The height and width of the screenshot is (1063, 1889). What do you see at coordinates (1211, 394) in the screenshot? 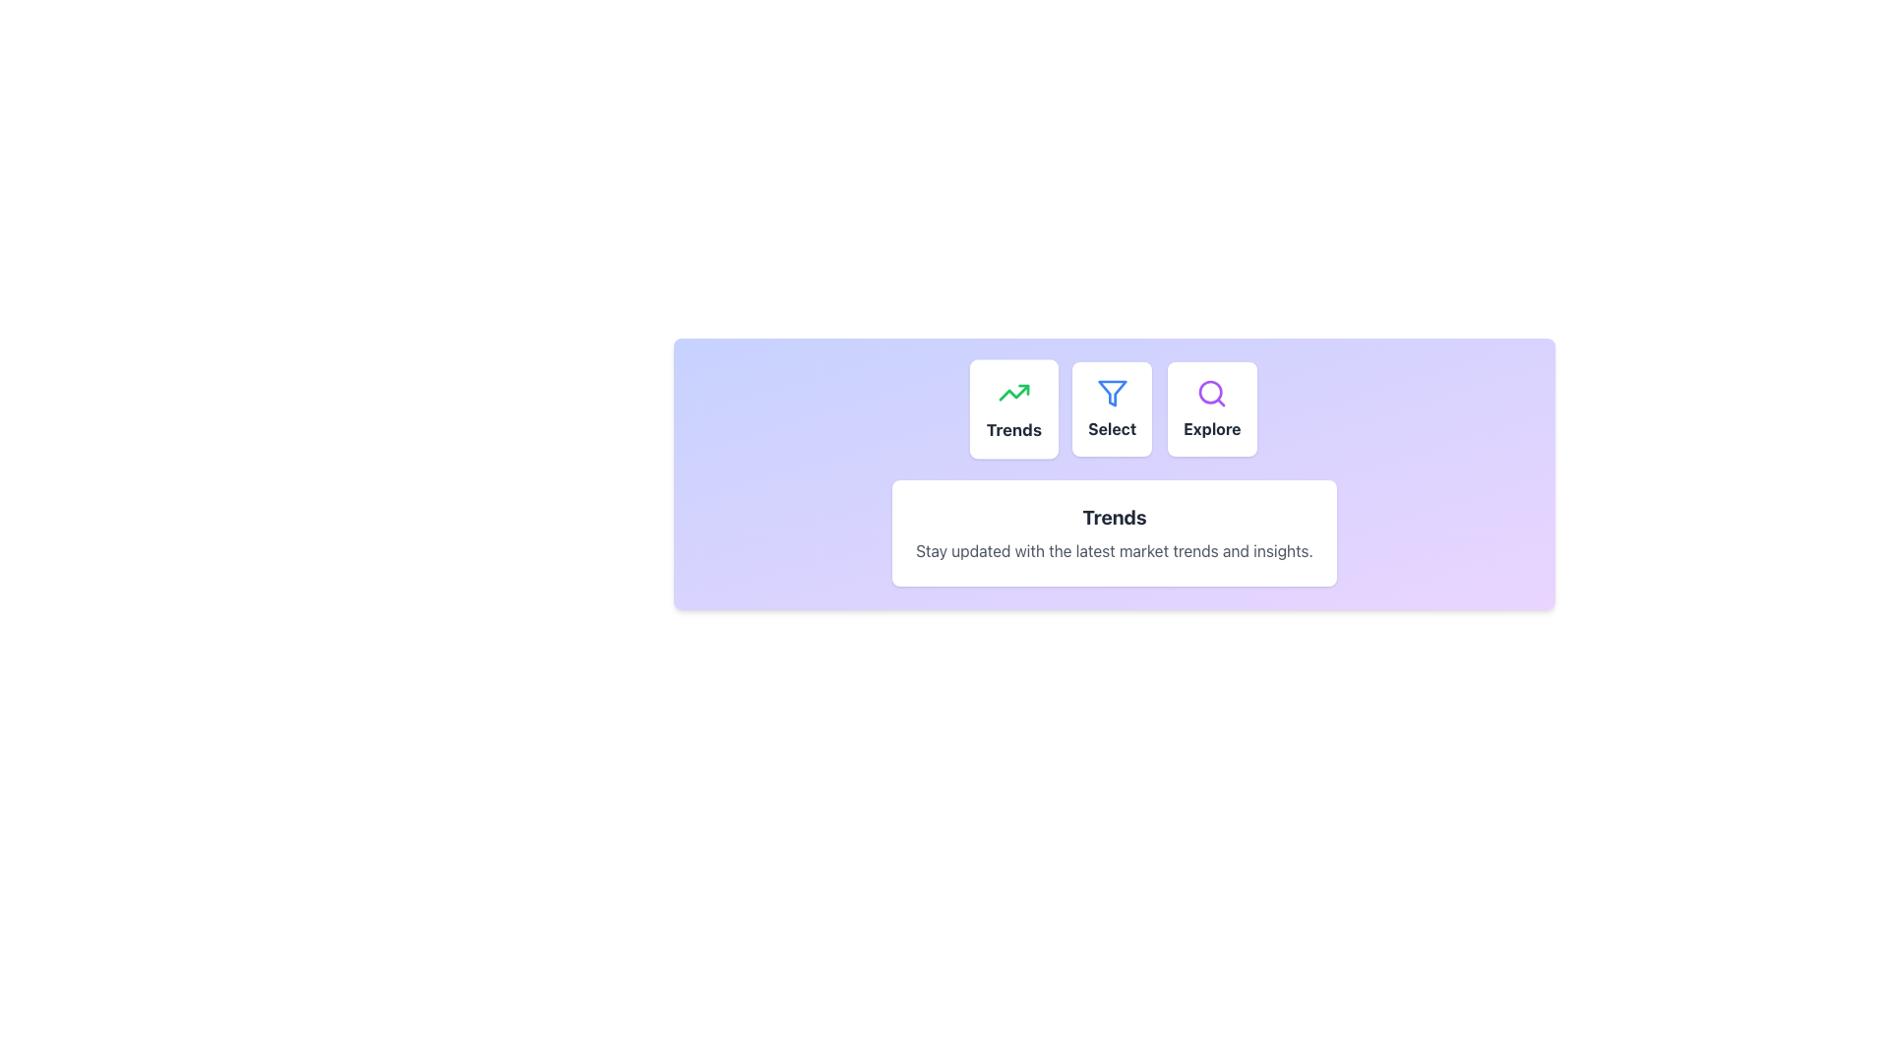
I see `the vibrant purple magnifying glass icon, which is located within the rounded white background in the 'Explore' section of the interface` at bounding box center [1211, 394].